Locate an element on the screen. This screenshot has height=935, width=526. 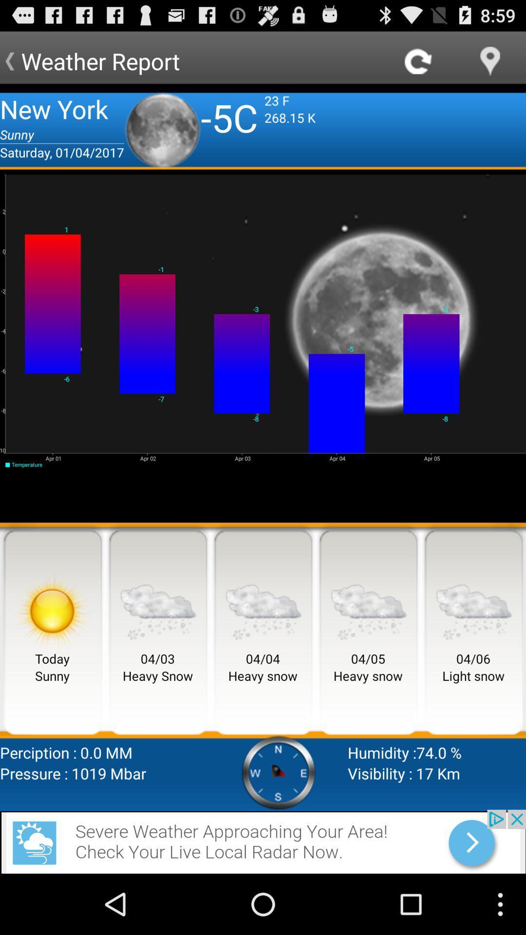
live radar here is located at coordinates (263, 841).